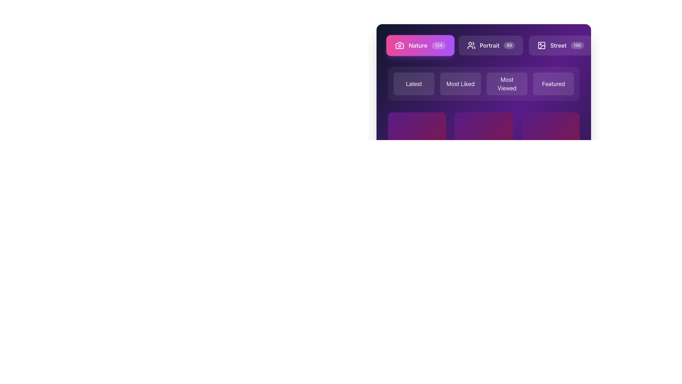 The height and width of the screenshot is (384, 682). I want to click on the Count badge located to the right of the 'Street' button in the top-right corner of the interface, so click(577, 45).